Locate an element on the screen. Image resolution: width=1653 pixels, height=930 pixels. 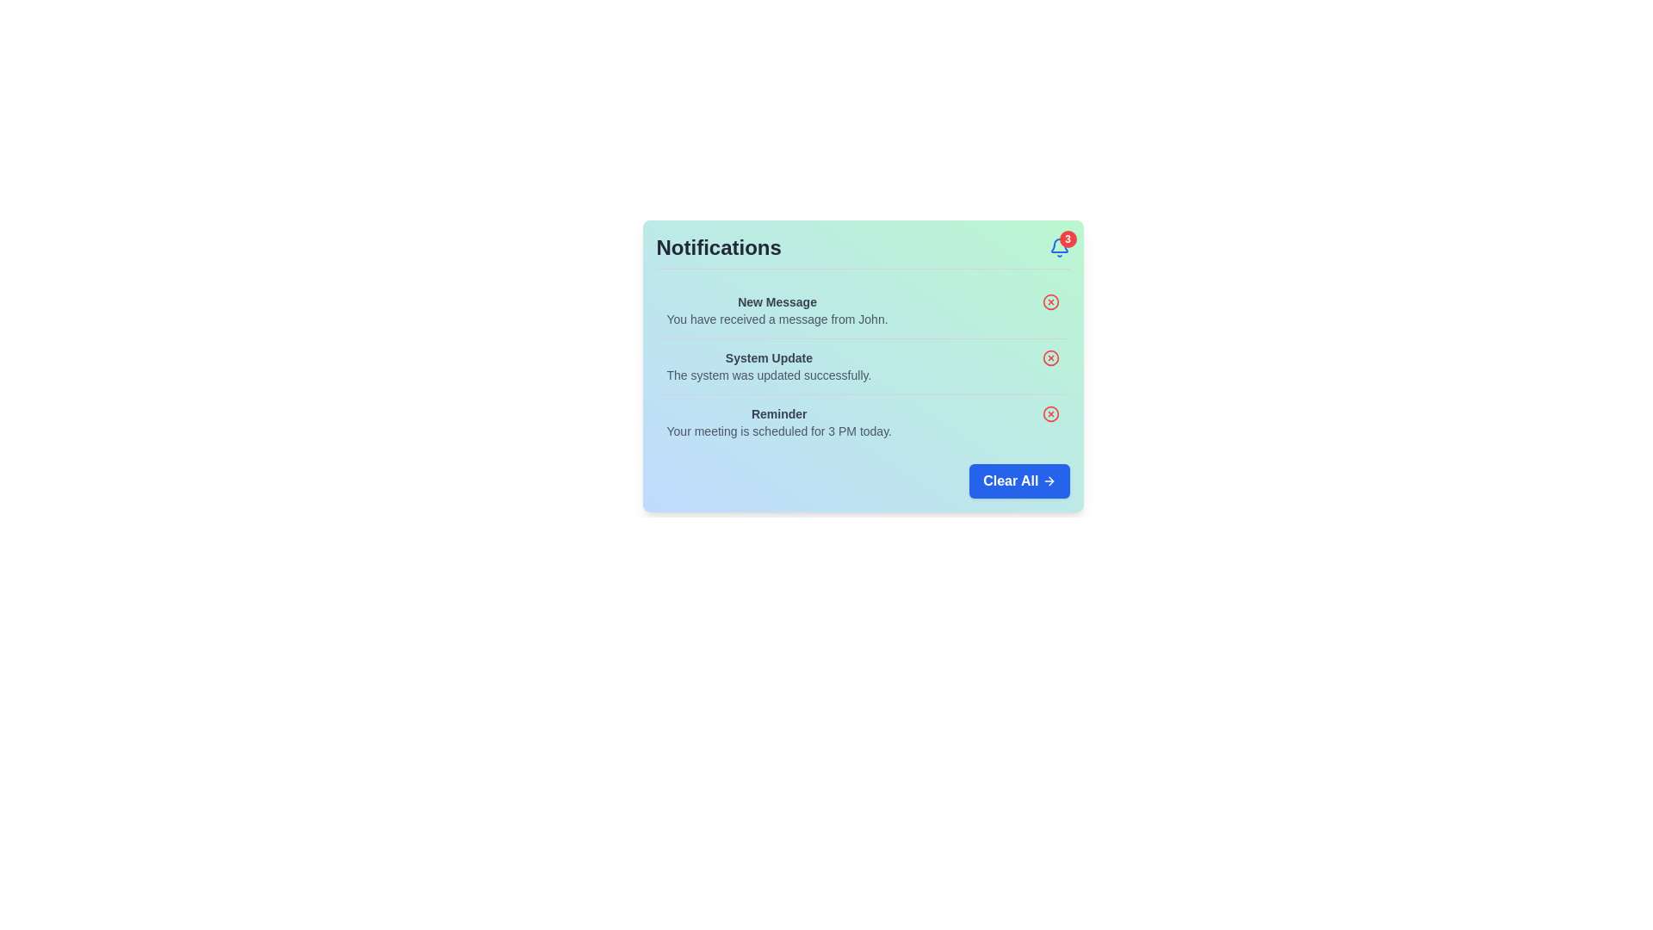
the Notification Indicator located in the top-right corner next to the 'Notifications' title, which indicates three pending notifications is located at coordinates (1058, 248).